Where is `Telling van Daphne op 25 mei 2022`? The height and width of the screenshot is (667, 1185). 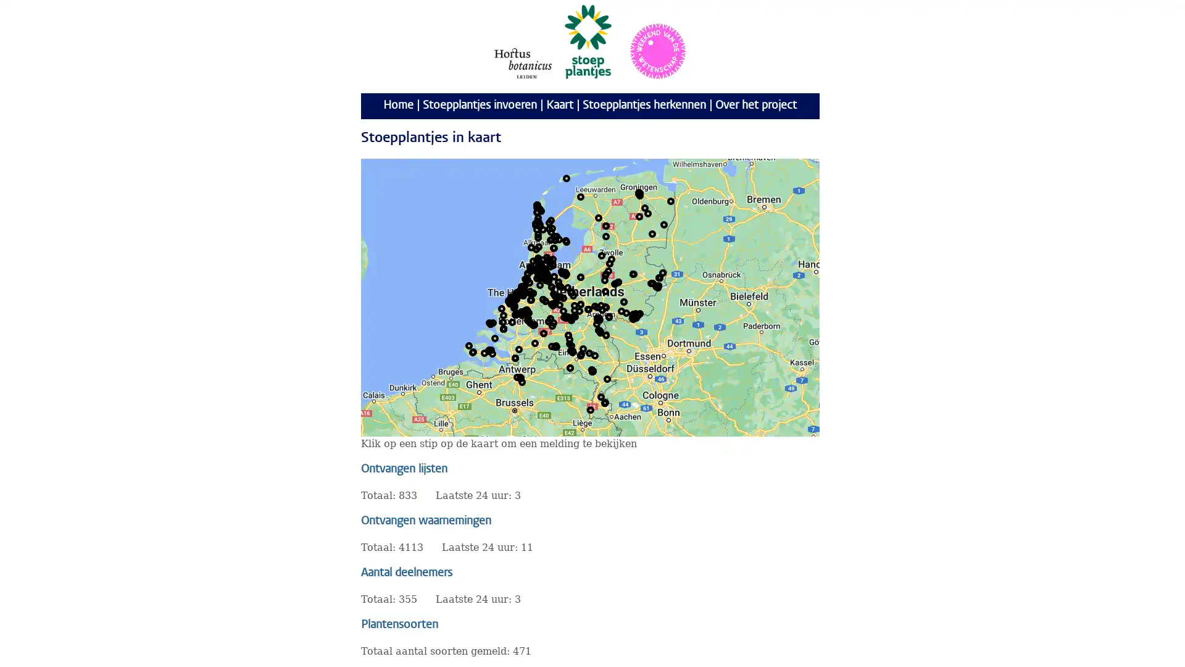
Telling van Daphne op 25 mei 2022 is located at coordinates (531, 293).